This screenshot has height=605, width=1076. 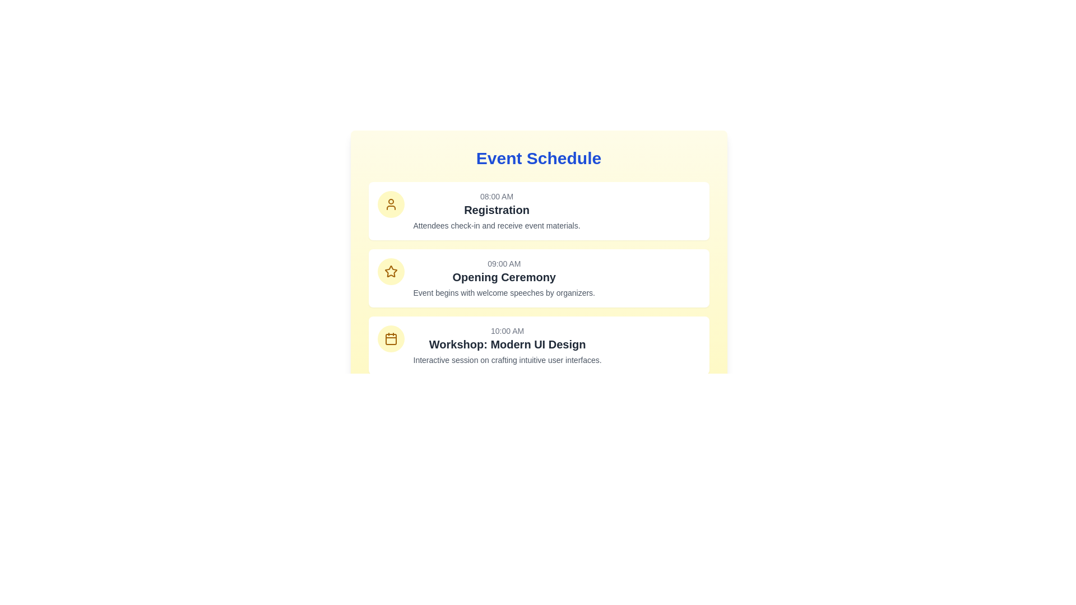 What do you see at coordinates (503, 263) in the screenshot?
I see `the timestamp text label located at the top of the second event block in the event schedule` at bounding box center [503, 263].